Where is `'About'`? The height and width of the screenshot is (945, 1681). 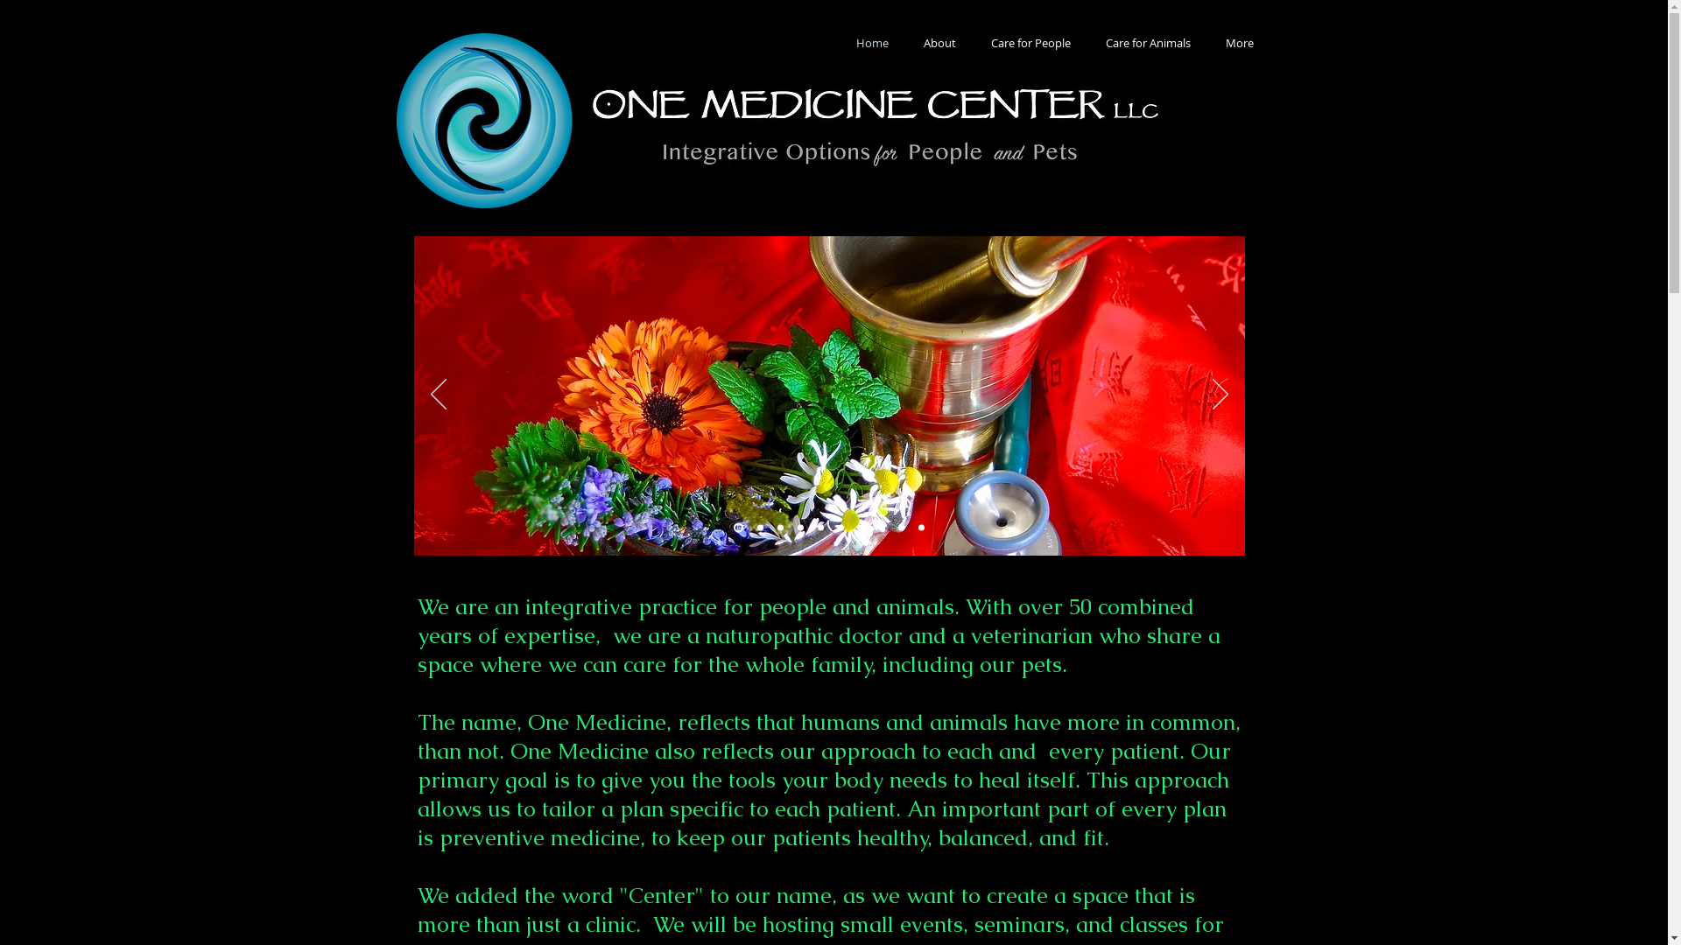 'About' is located at coordinates (938, 42).